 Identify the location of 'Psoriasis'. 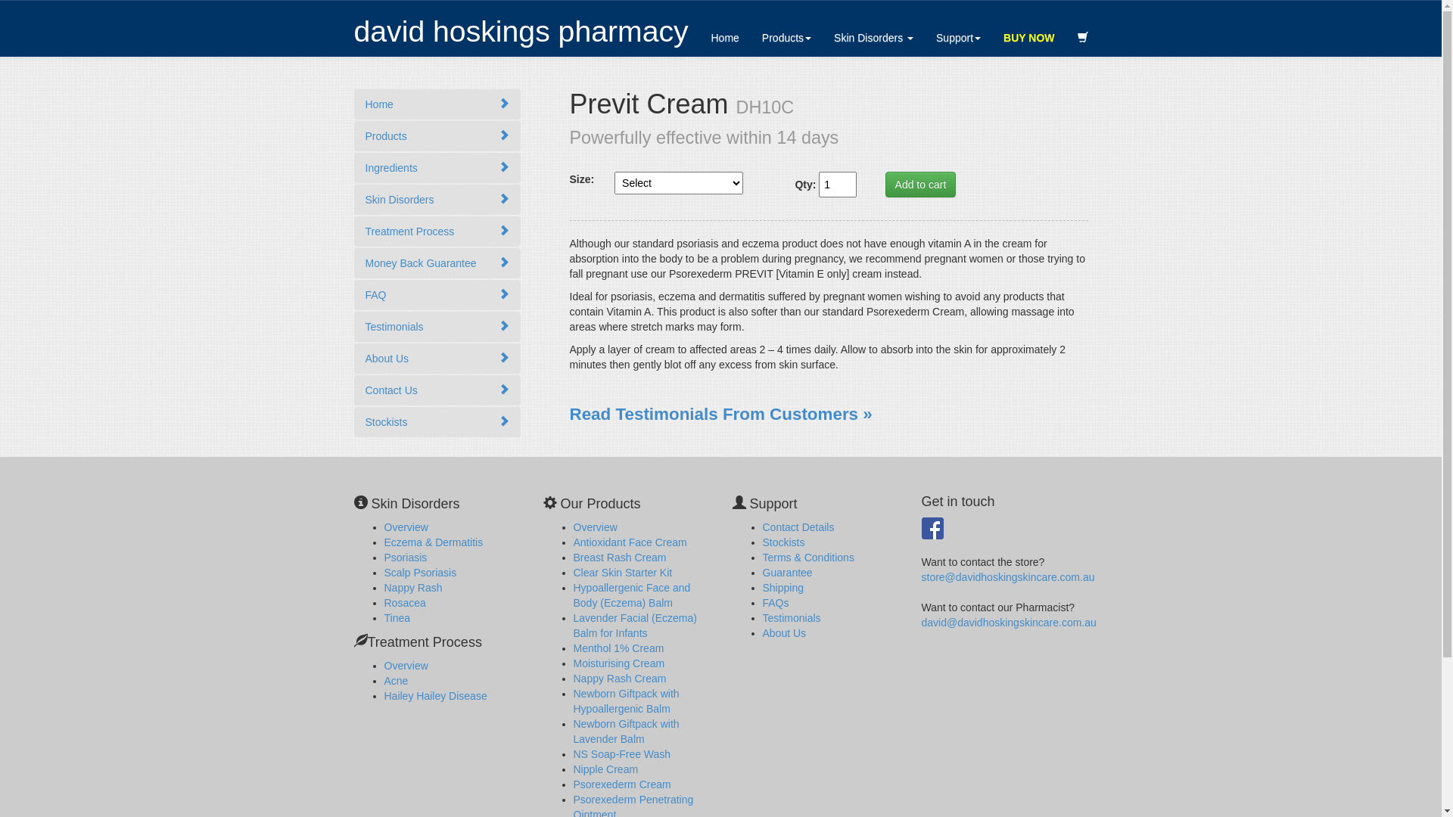
(406, 557).